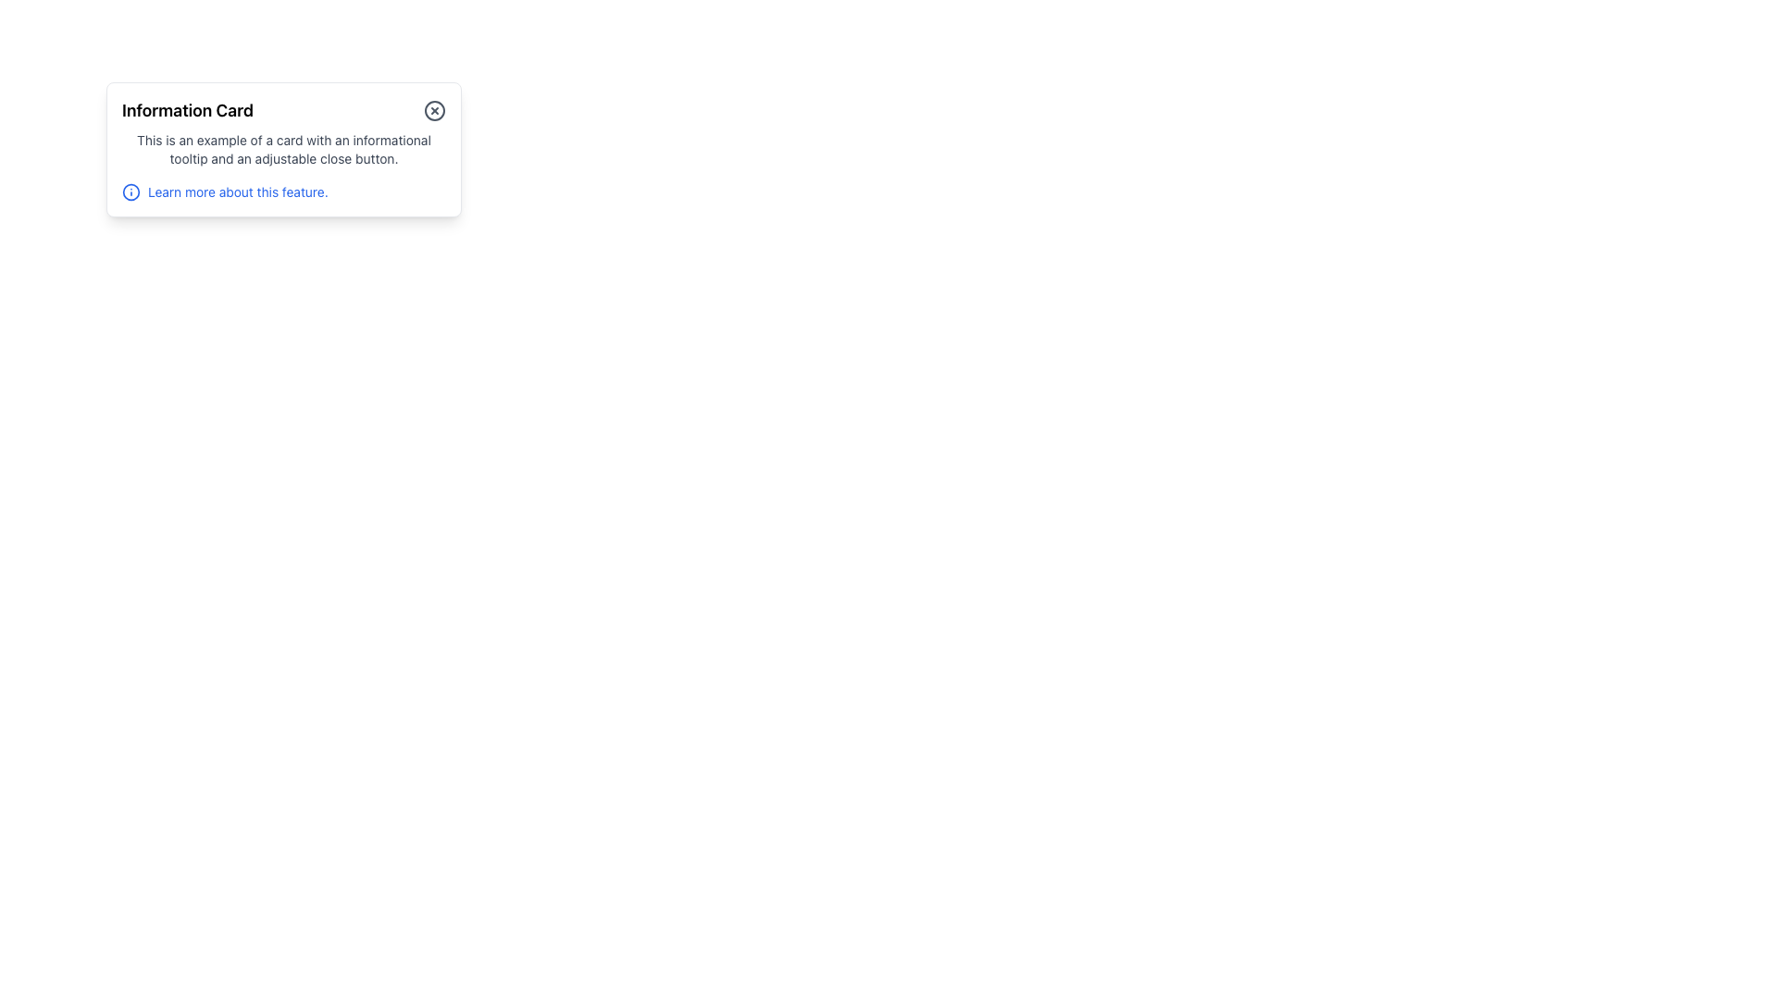 This screenshot has width=1777, height=999. What do you see at coordinates (283, 149) in the screenshot?
I see `descriptive text located in the middle section of the 'Information Card', positioned below the title and above the 'Learn more about this feature.' link` at bounding box center [283, 149].